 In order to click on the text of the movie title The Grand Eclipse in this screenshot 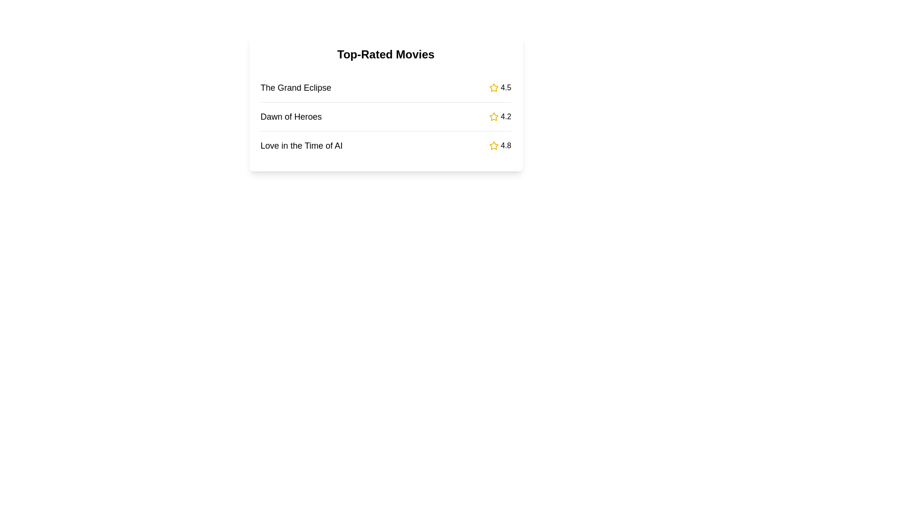, I will do `click(295, 88)`.